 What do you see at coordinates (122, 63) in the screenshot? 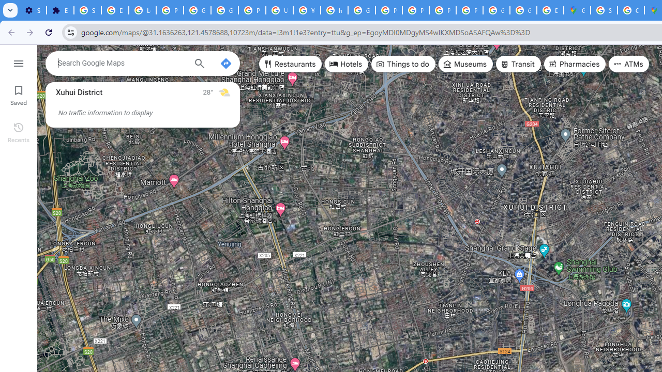
I see `'Search Google Maps'` at bounding box center [122, 63].